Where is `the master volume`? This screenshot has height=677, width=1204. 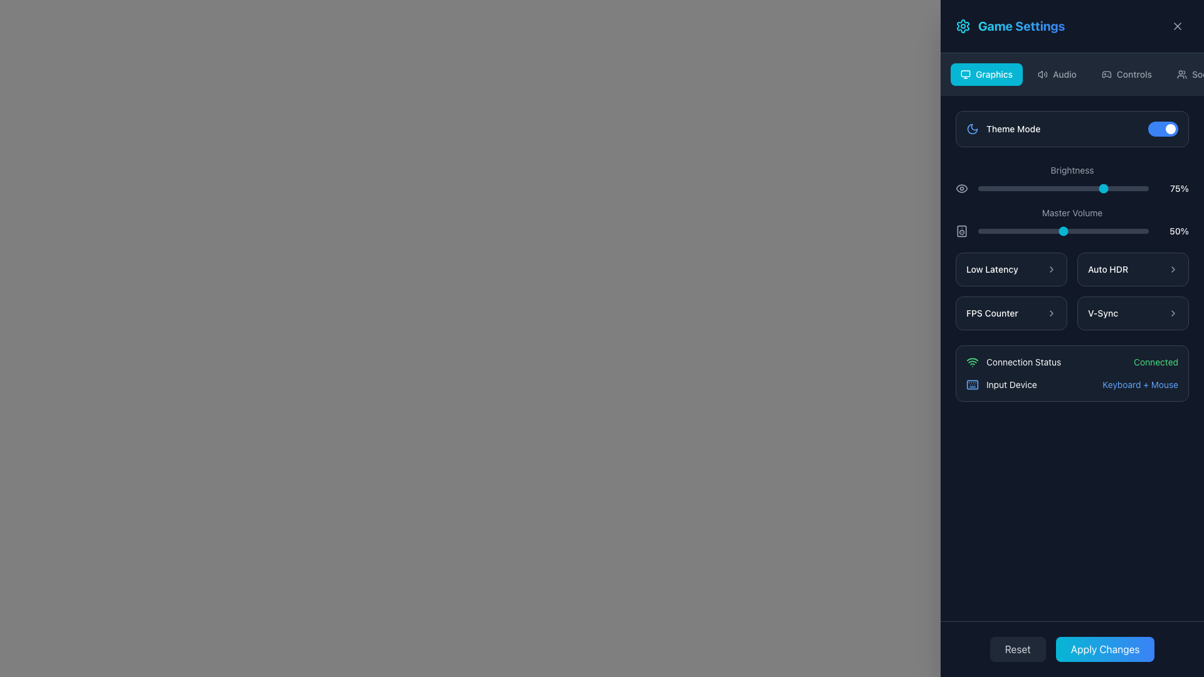 the master volume is located at coordinates (1138, 231).